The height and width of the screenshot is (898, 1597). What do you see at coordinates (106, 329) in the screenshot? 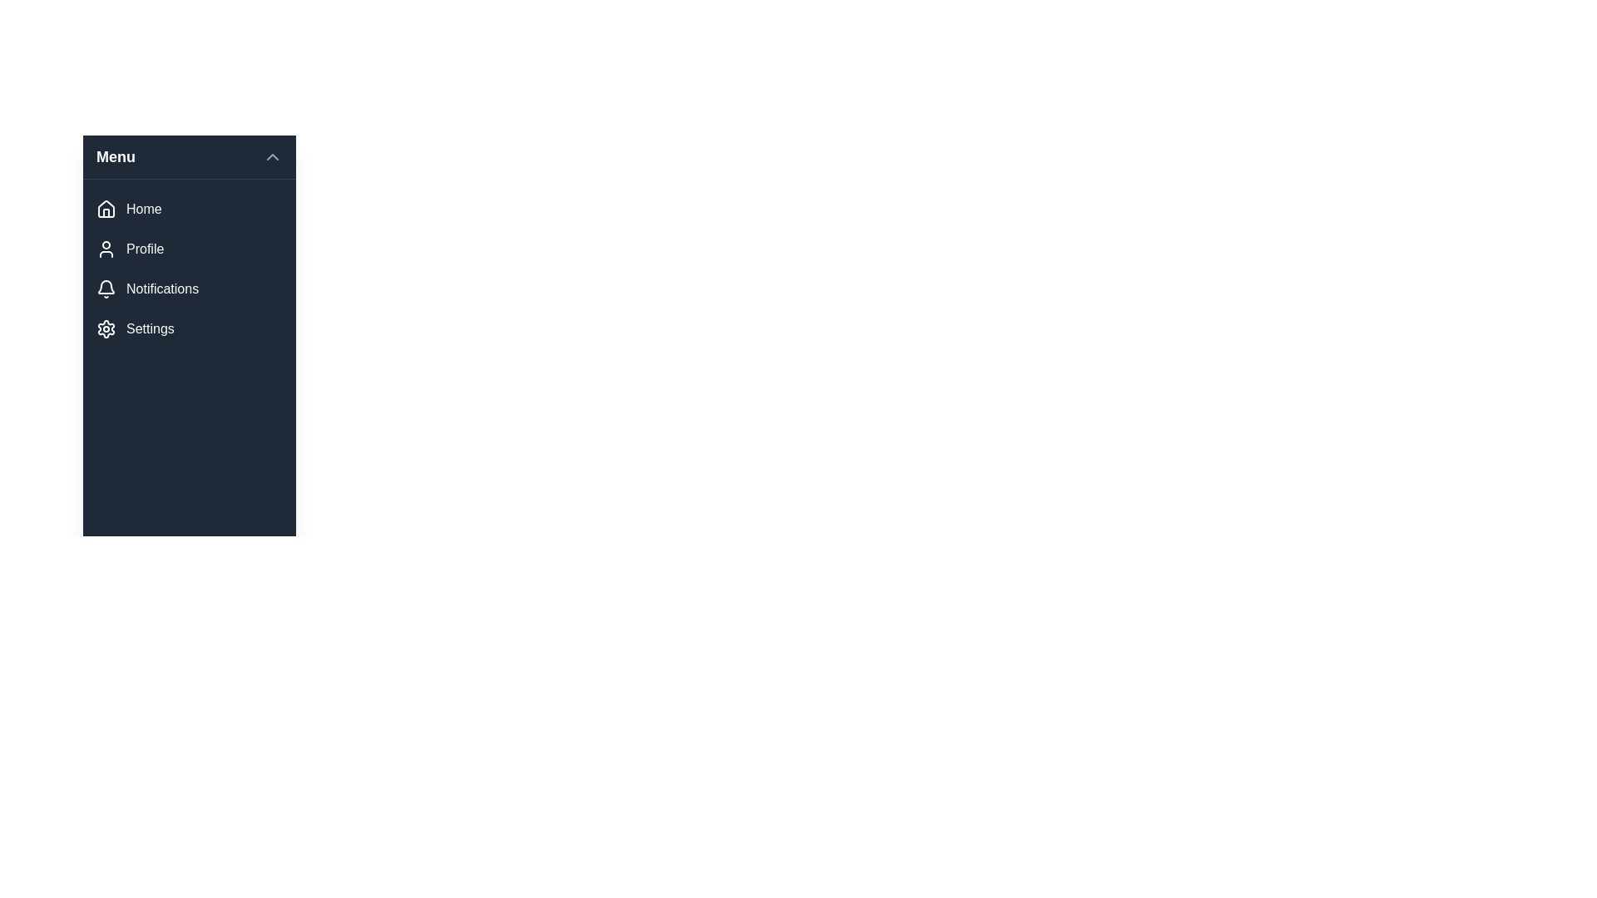
I see `the gear-shaped icon located near the bottom of the vertical navigation menu` at bounding box center [106, 329].